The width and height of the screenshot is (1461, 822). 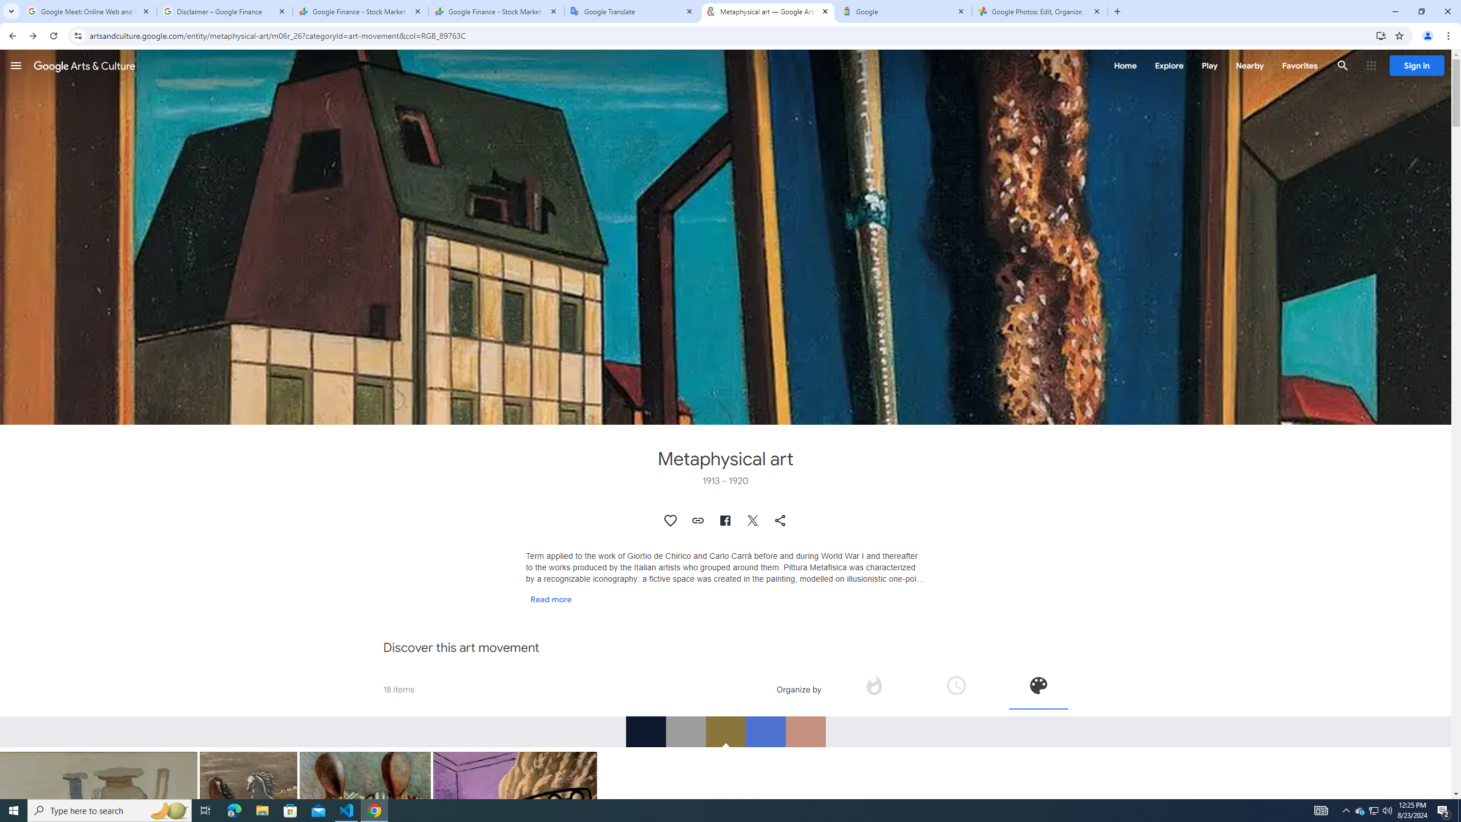 What do you see at coordinates (956, 688) in the screenshot?
I see `'Organize by time'` at bounding box center [956, 688].